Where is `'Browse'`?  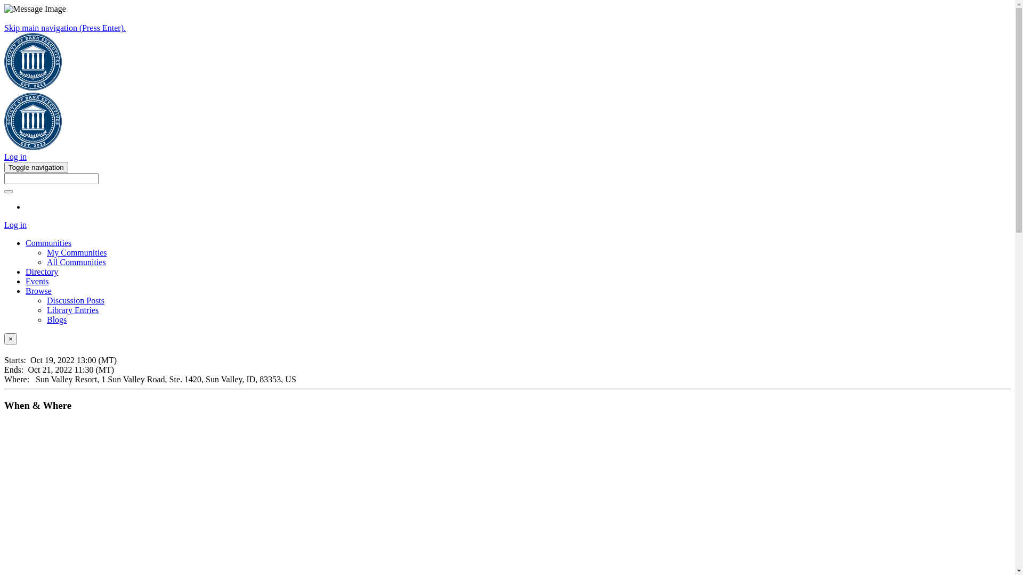
'Browse' is located at coordinates (38, 291).